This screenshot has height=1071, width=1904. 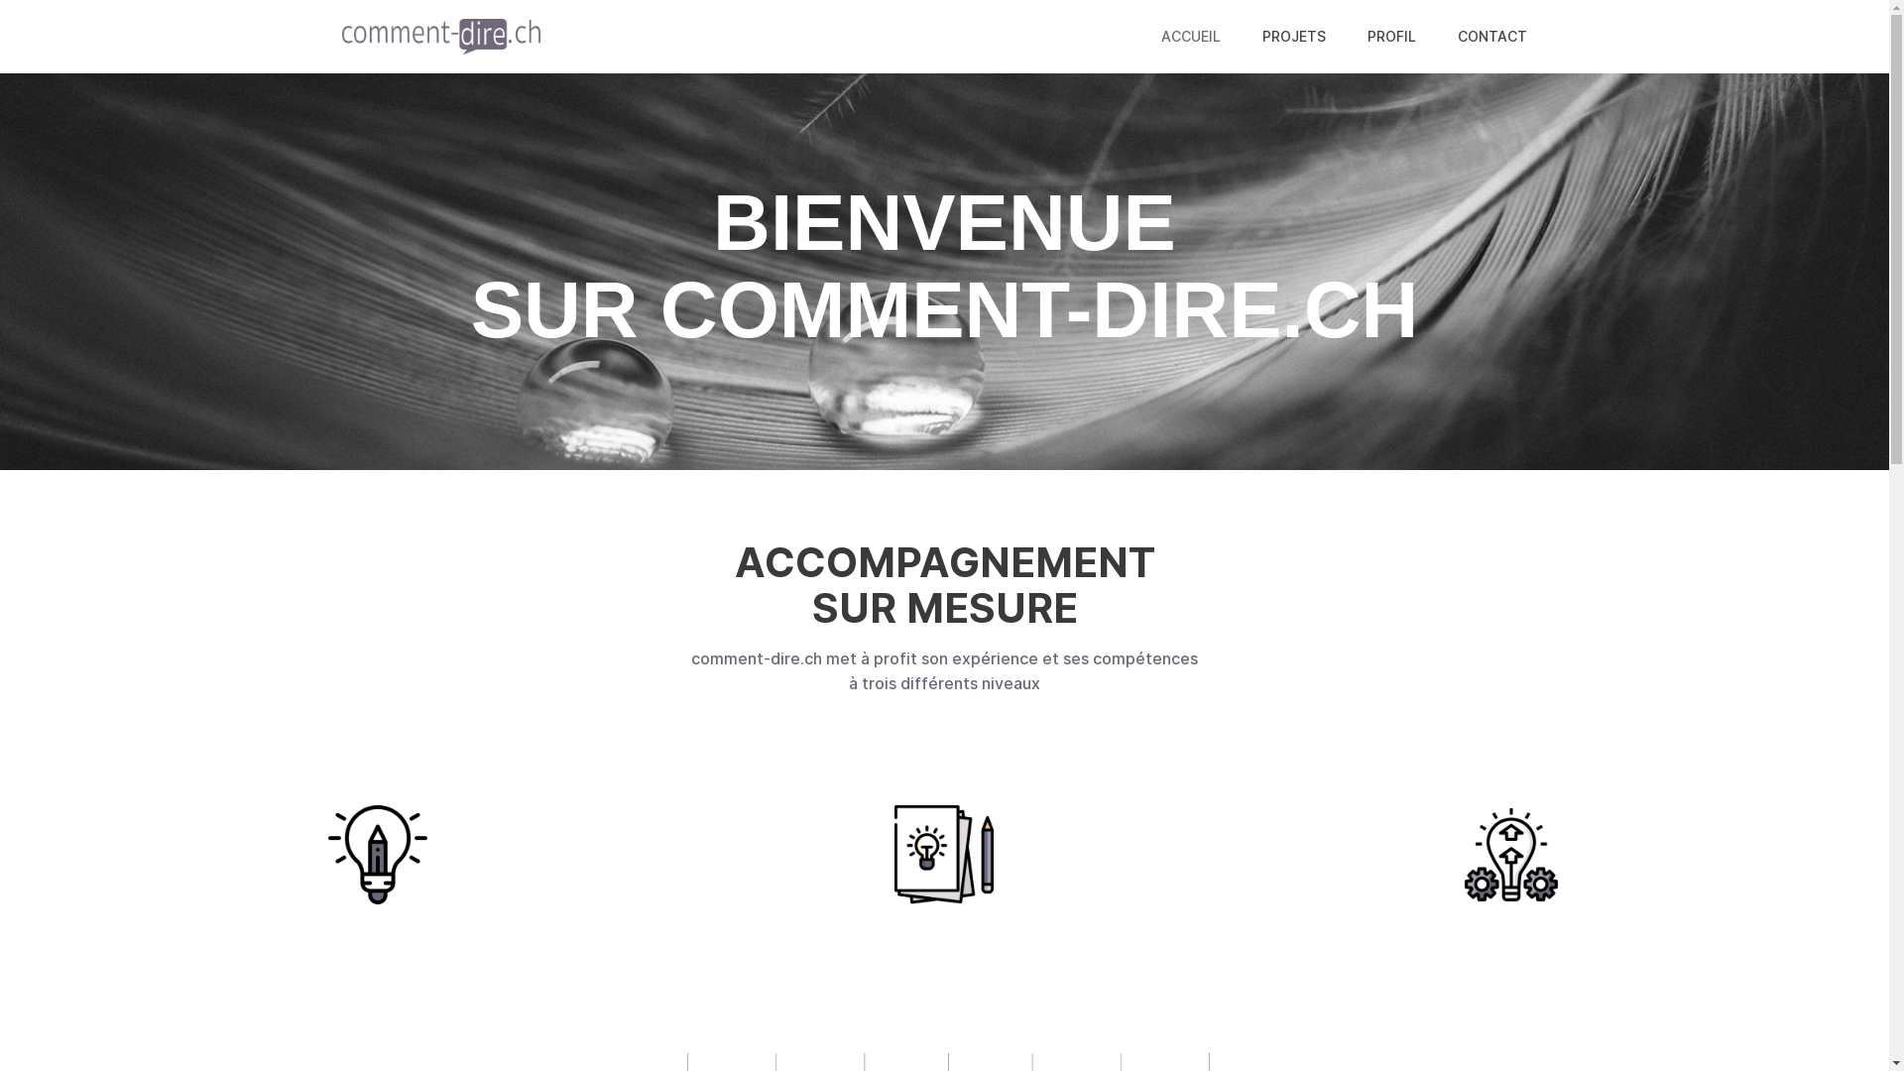 What do you see at coordinates (1294, 37) in the screenshot?
I see `'PROJETS'` at bounding box center [1294, 37].